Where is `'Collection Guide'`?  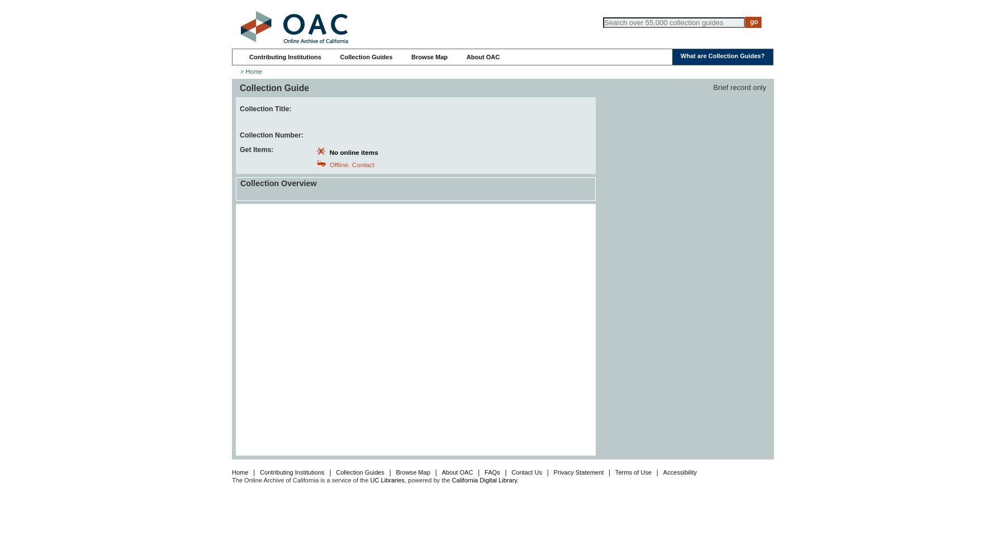
'Collection Guide' is located at coordinates (273, 87).